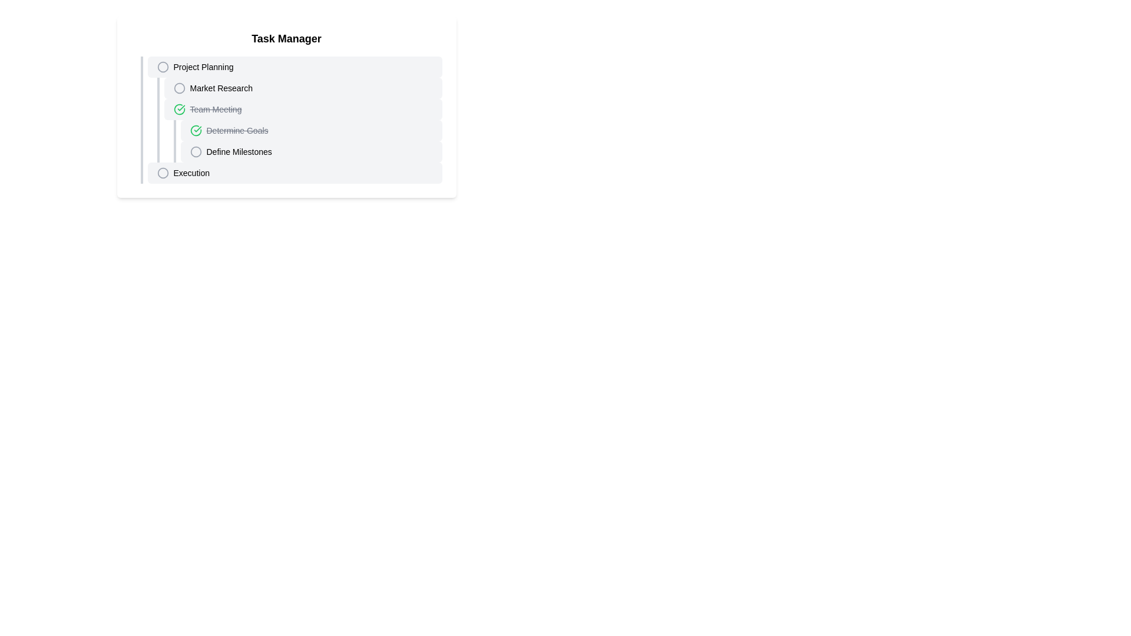  What do you see at coordinates (237, 131) in the screenshot?
I see `the text label element displaying 'Determine Goals', styled with a strikethrough in gray color, indicating completion, located to the right of the green circular check icon` at bounding box center [237, 131].